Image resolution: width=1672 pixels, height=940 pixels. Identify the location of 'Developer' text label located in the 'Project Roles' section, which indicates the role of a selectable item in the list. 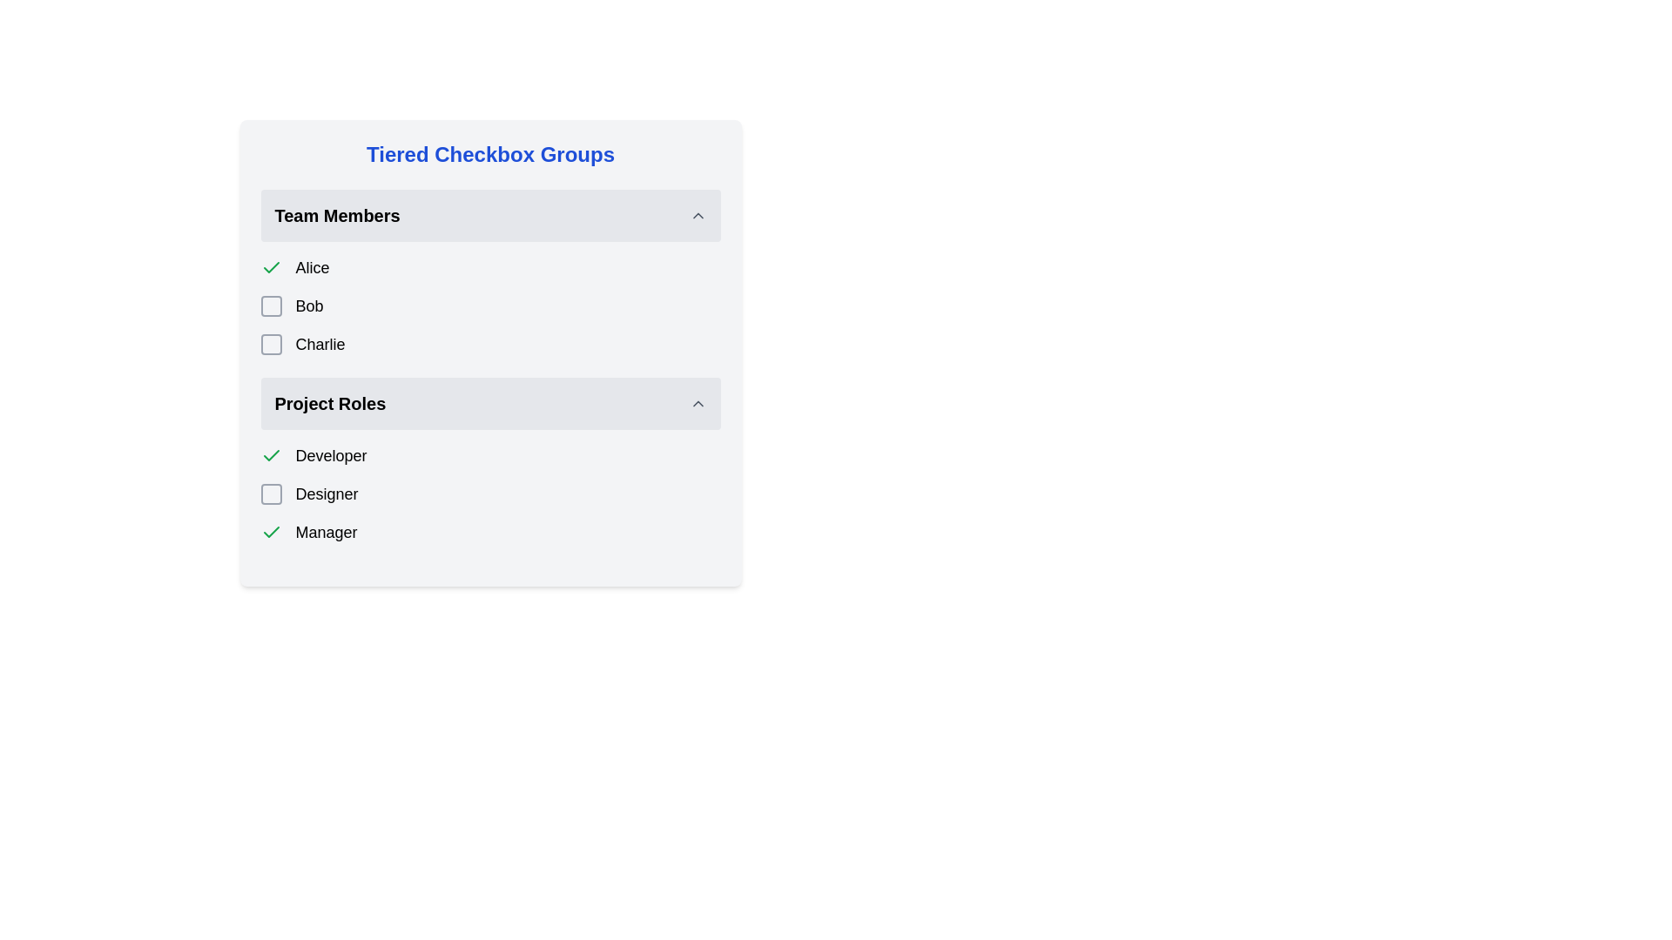
(331, 455).